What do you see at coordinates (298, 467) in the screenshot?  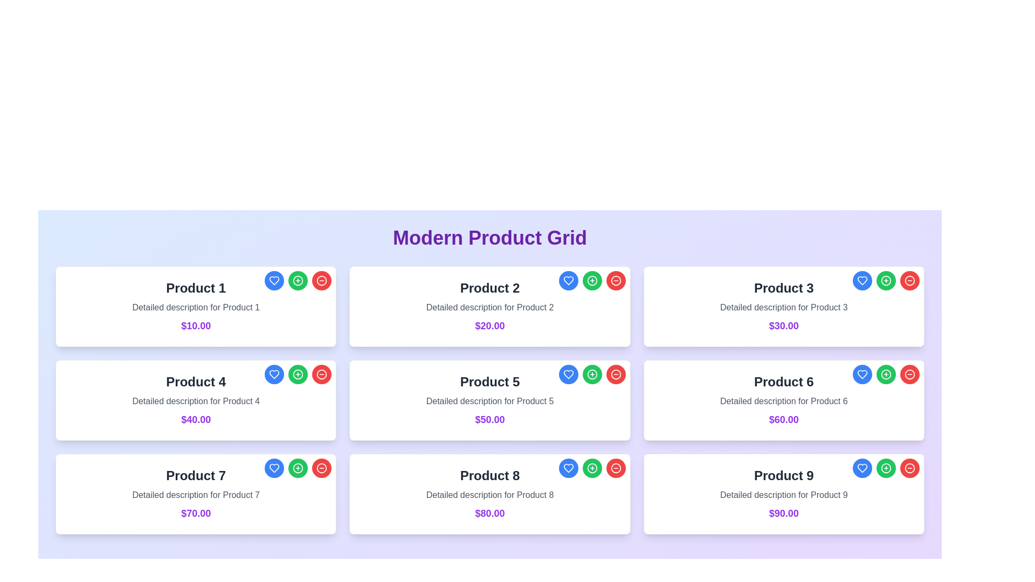 I see `the button that adds 'Product 7' to the shopping cart or wishlist` at bounding box center [298, 467].